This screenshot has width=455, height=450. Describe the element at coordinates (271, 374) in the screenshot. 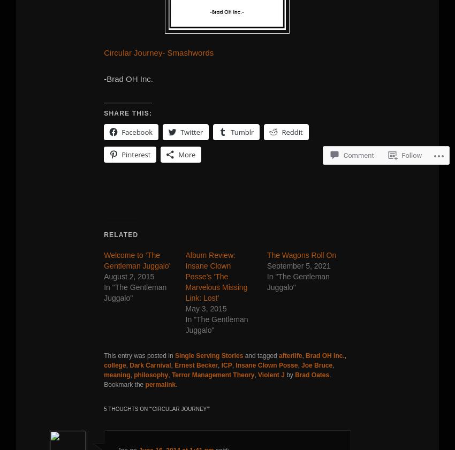

I see `'Violent J'` at that location.